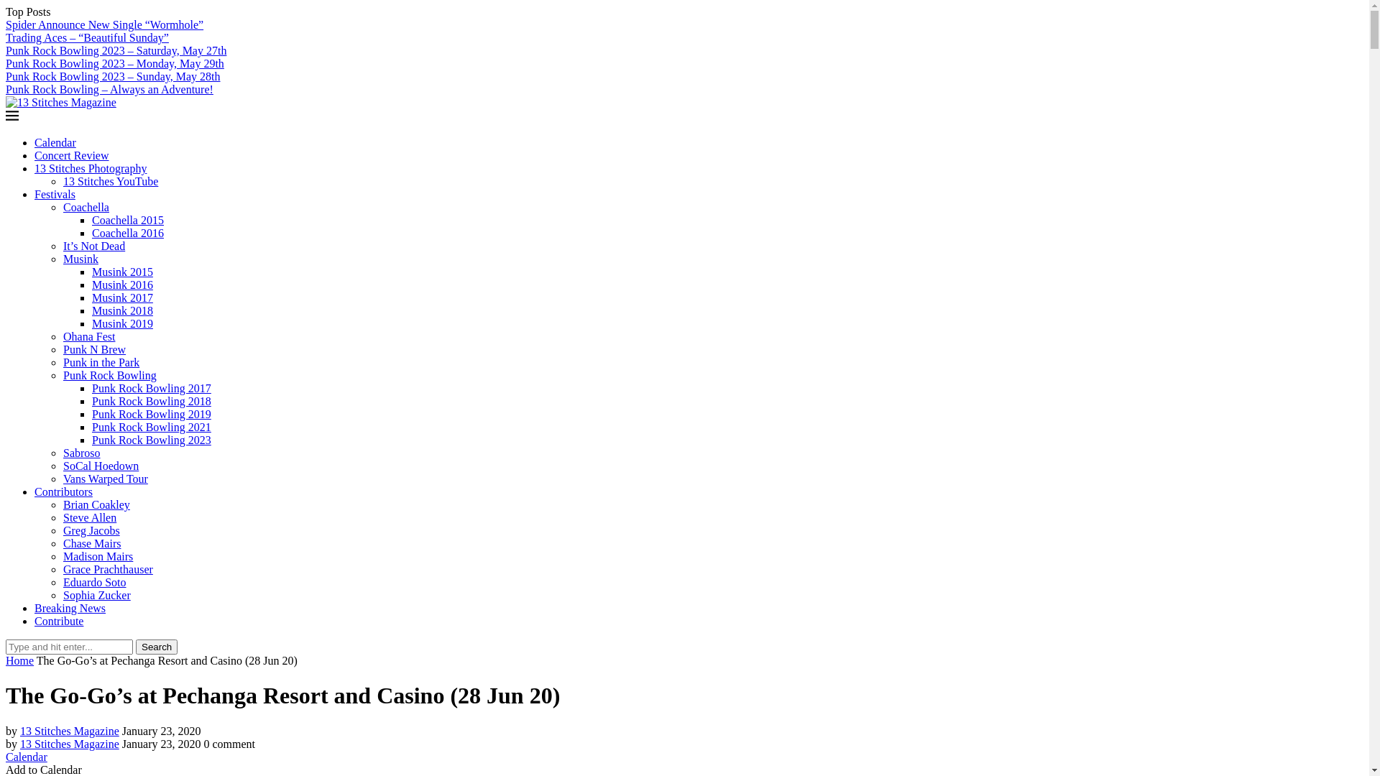 This screenshot has width=1380, height=776. I want to click on 'Breaking News', so click(69, 608).